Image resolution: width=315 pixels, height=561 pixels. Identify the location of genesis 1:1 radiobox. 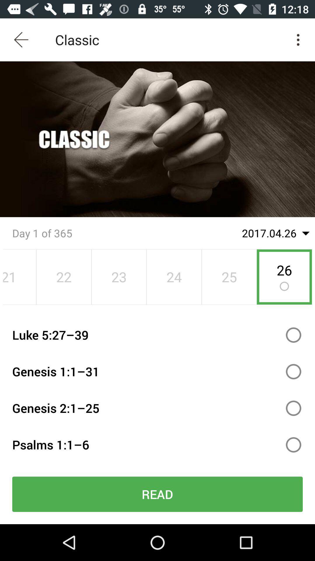
(293, 371).